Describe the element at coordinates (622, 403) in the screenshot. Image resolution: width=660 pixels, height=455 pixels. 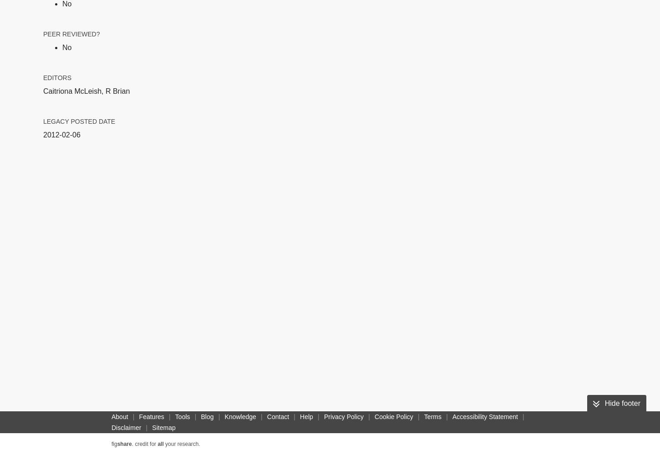
I see `'Hide footer'` at that location.